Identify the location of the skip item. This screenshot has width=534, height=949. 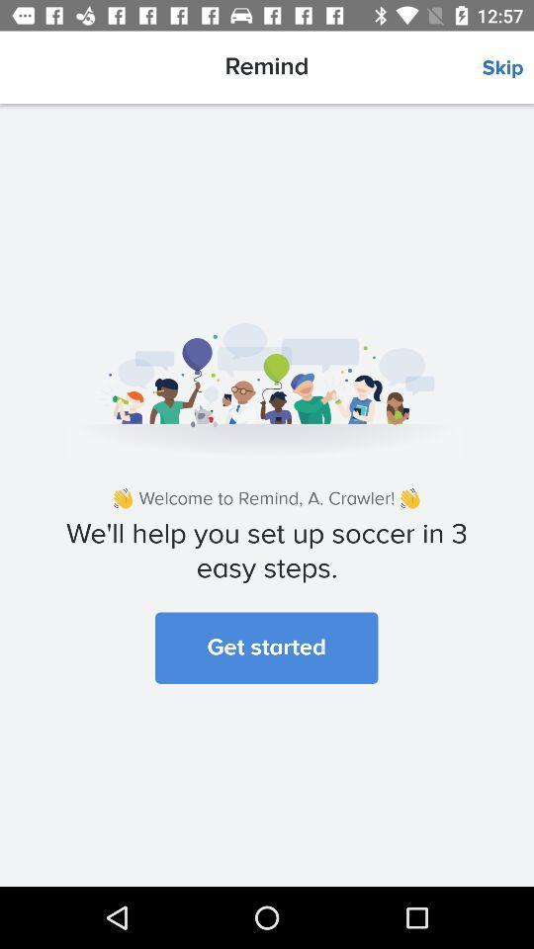
(507, 68).